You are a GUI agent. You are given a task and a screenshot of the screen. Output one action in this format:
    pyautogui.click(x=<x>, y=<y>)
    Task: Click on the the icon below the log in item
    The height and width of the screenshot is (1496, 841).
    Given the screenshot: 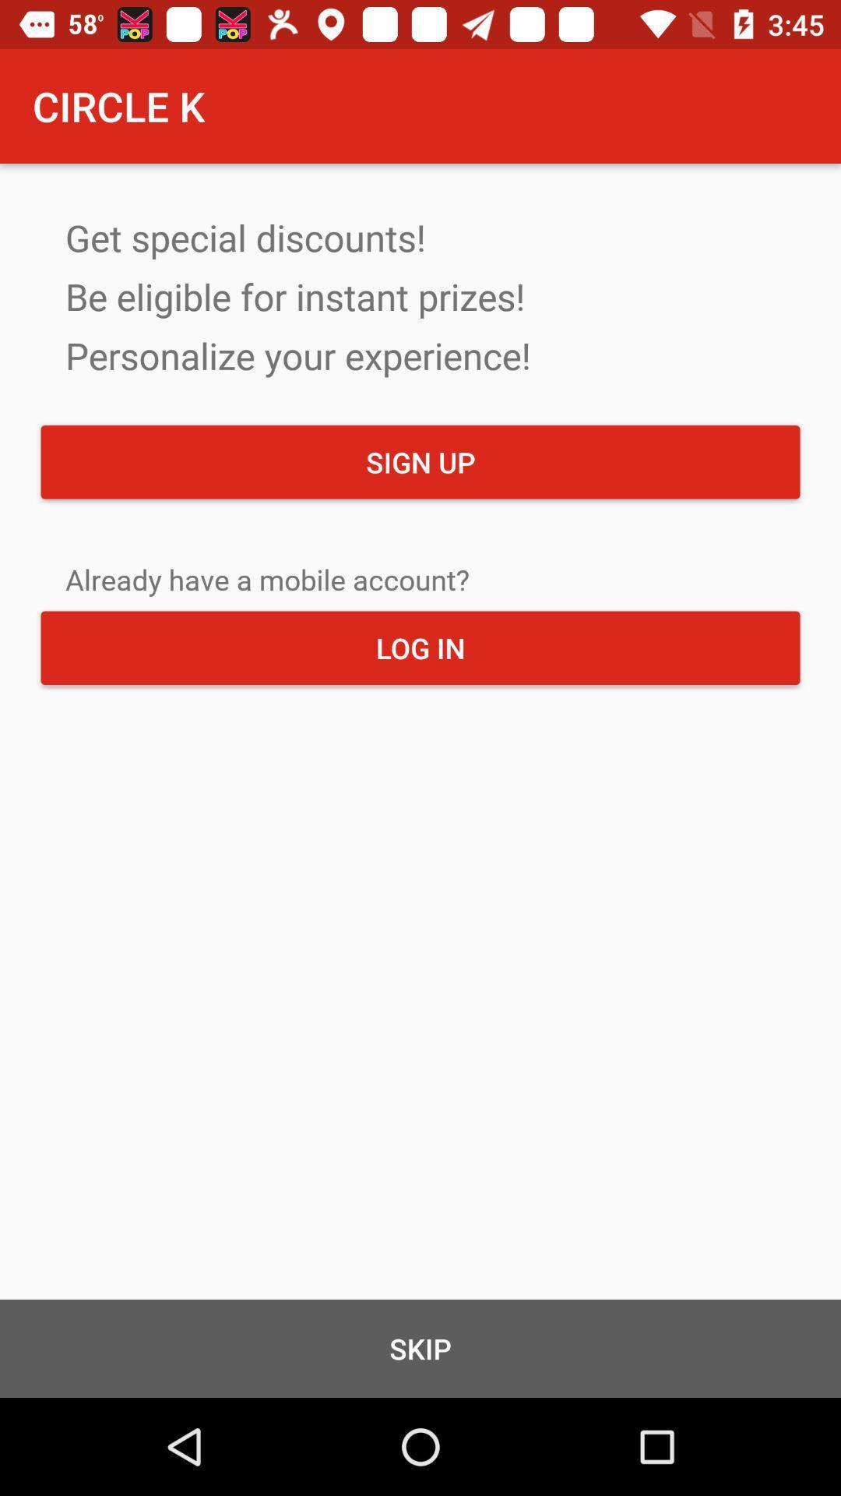 What is the action you would take?
    pyautogui.click(x=420, y=1348)
    